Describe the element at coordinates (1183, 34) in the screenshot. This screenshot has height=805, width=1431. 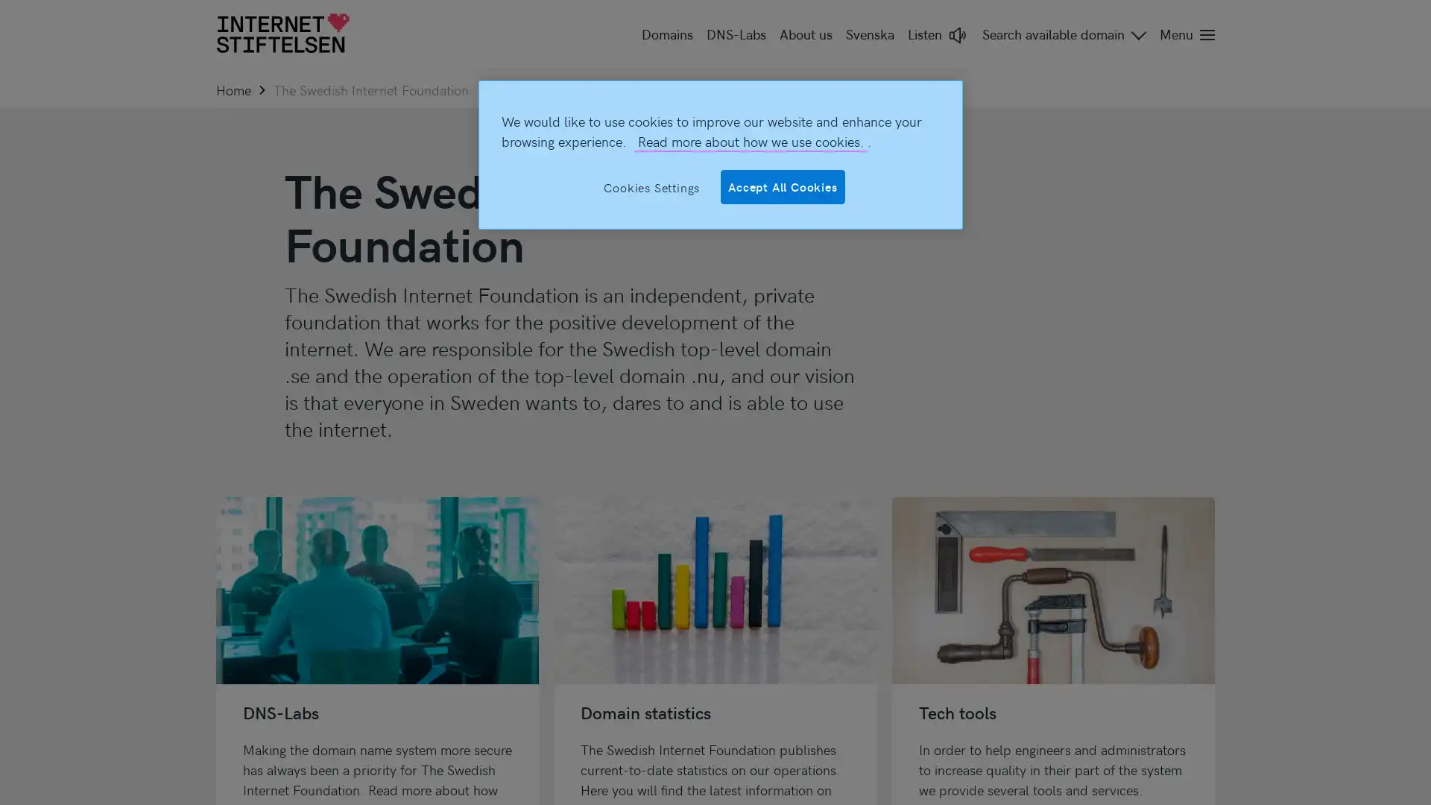
I see `Menu` at that location.